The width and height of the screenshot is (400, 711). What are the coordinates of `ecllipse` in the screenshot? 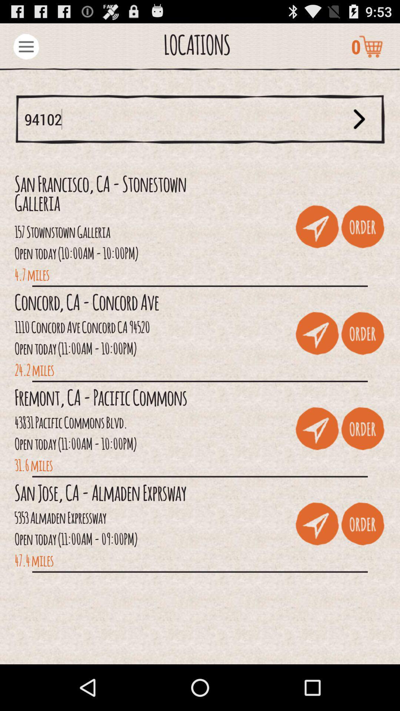 It's located at (26, 46).